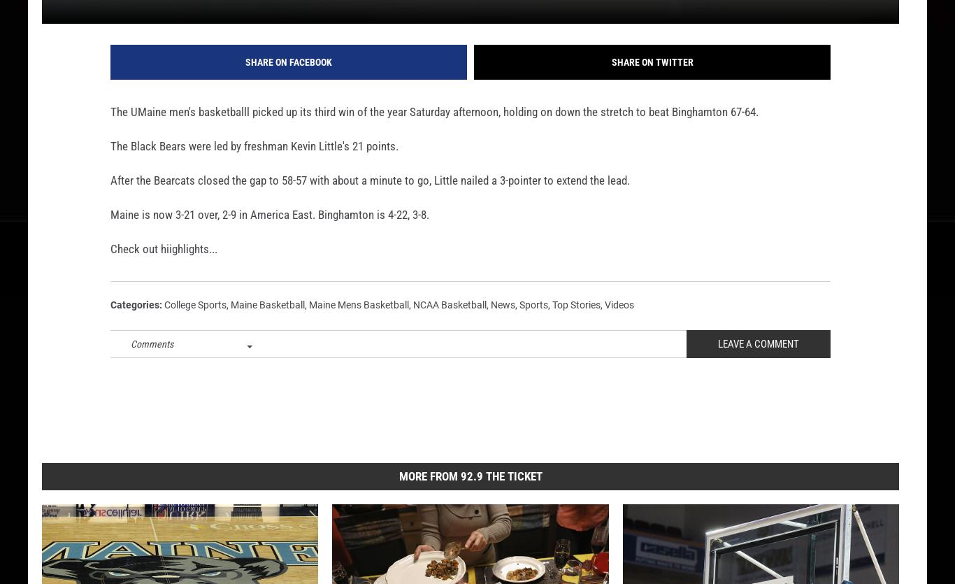  I want to click on 'NCAA Basketball', so click(449, 327).